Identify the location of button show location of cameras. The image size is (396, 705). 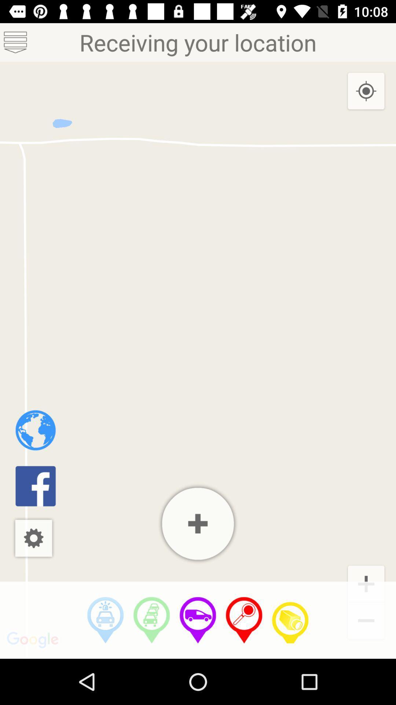
(290, 620).